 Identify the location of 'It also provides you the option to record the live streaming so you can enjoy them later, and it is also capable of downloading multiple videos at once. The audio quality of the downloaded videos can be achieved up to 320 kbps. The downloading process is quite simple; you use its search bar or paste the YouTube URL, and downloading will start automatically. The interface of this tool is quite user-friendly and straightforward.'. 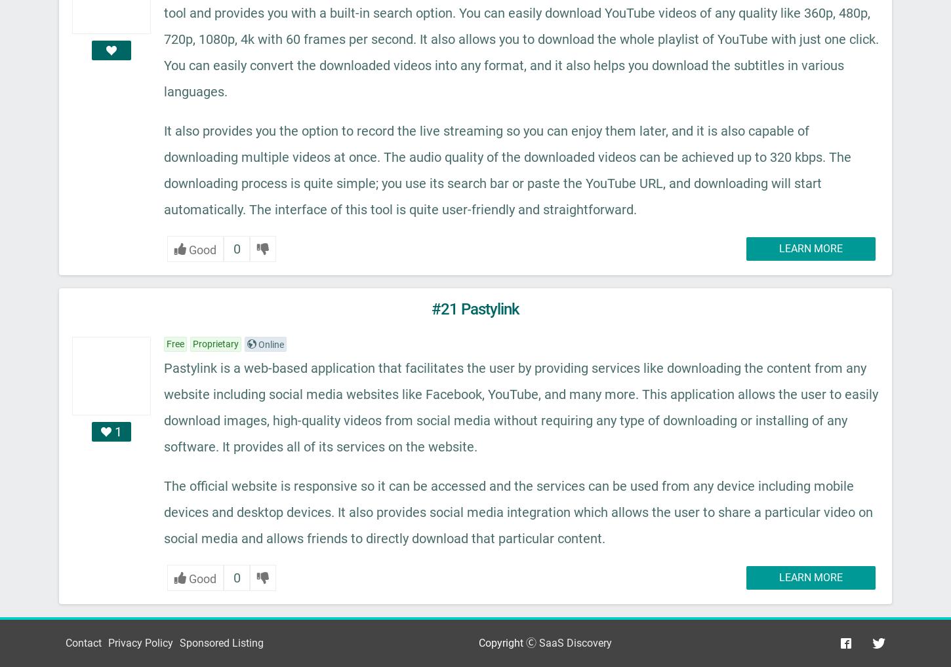
(508, 169).